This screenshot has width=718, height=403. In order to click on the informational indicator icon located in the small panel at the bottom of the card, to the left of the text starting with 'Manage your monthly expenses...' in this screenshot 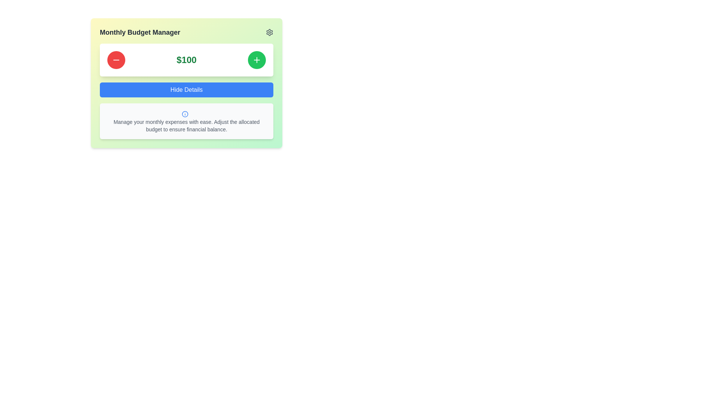, I will do `click(185, 113)`.